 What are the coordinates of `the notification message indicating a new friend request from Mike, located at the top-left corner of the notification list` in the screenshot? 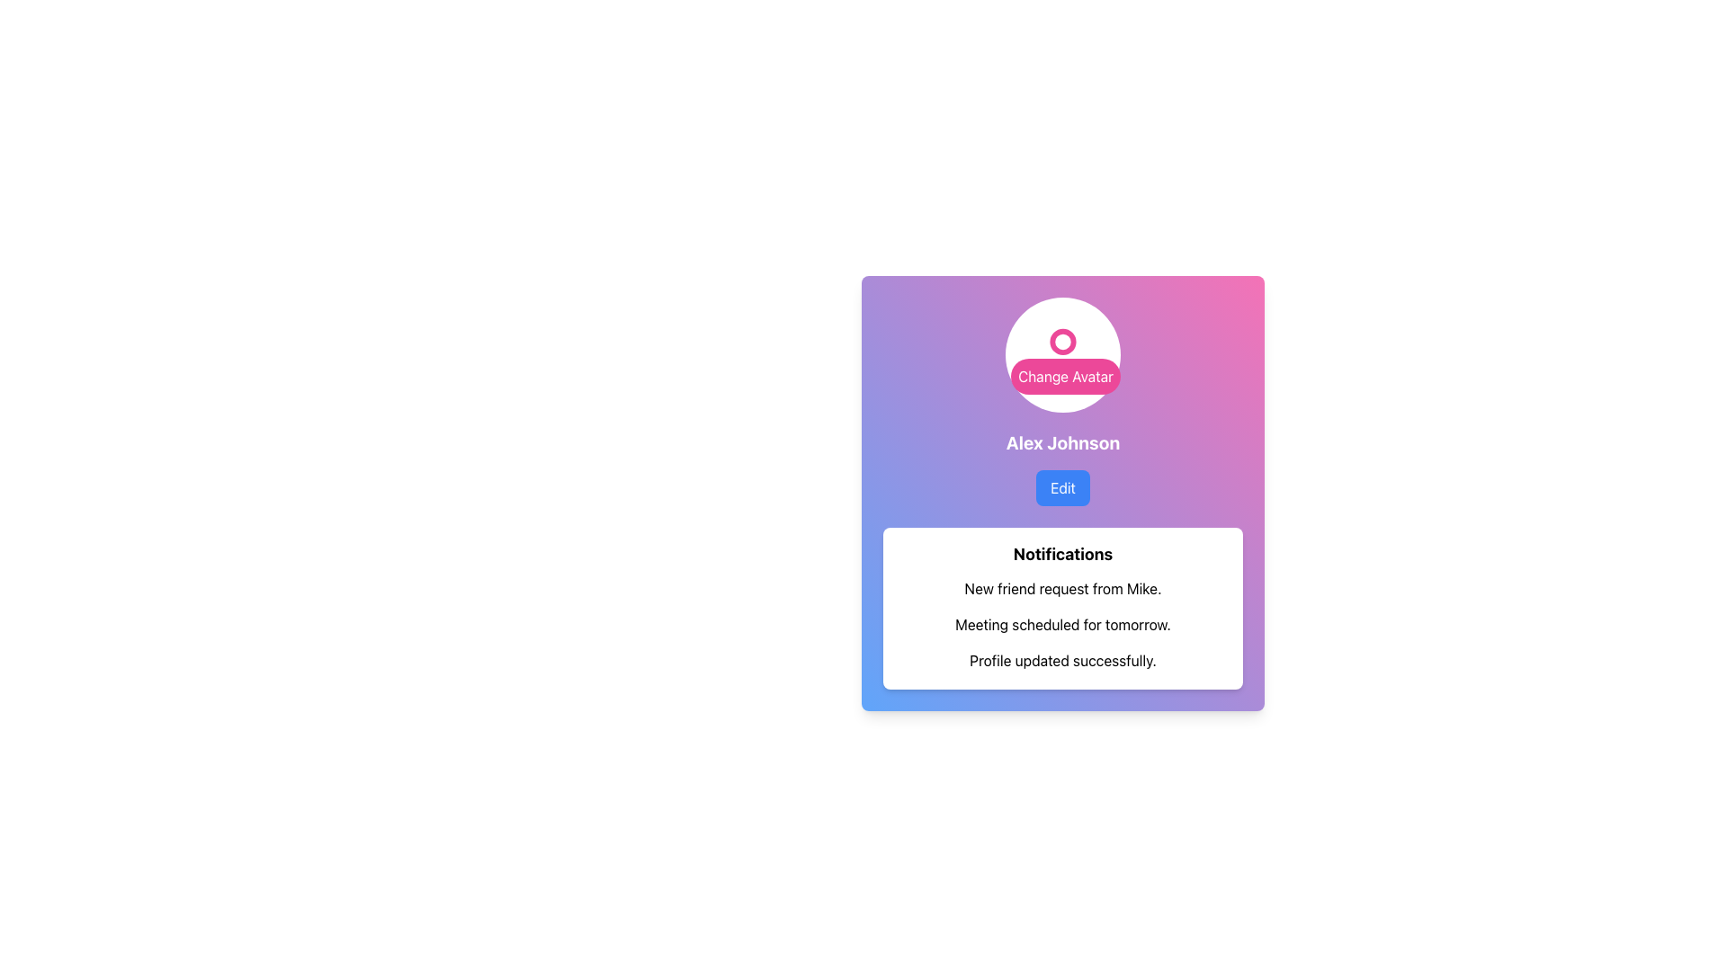 It's located at (1062, 589).